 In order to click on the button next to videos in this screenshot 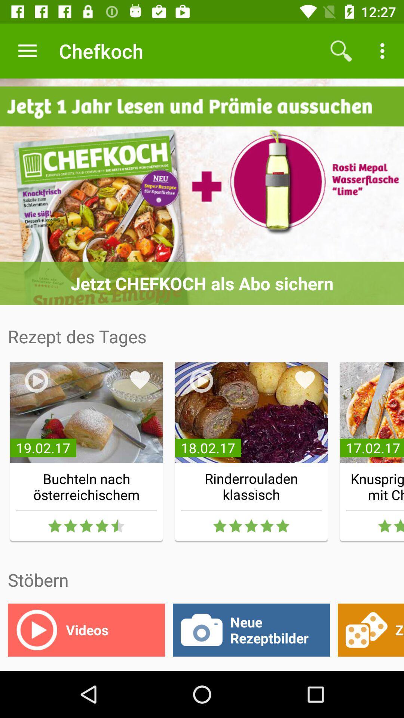, I will do `click(251, 629)`.